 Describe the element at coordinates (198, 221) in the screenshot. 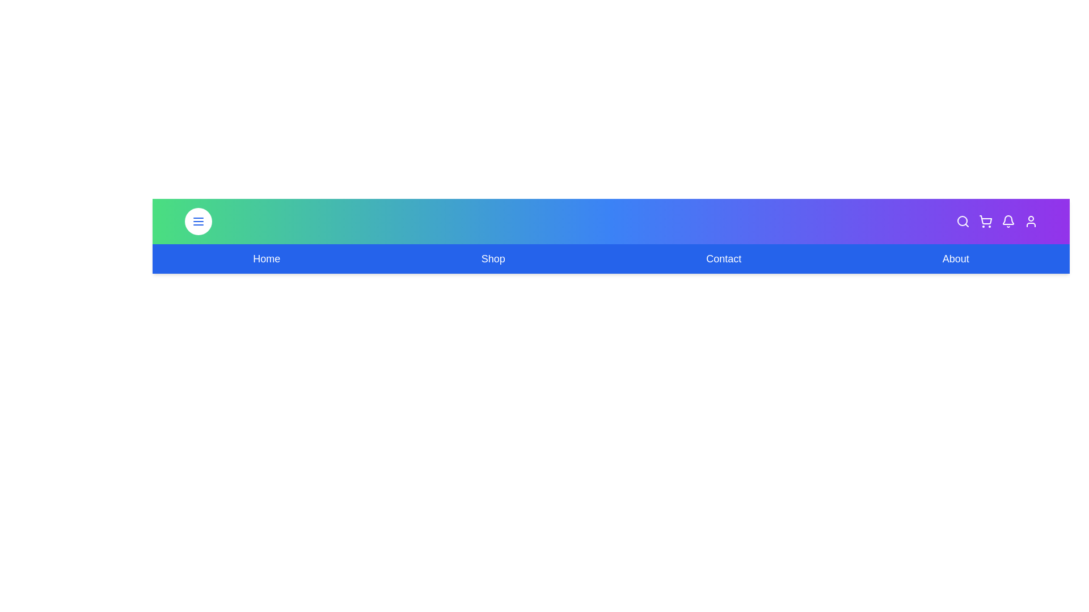

I see `the menu toggle button to toggle the menu visibility` at that location.